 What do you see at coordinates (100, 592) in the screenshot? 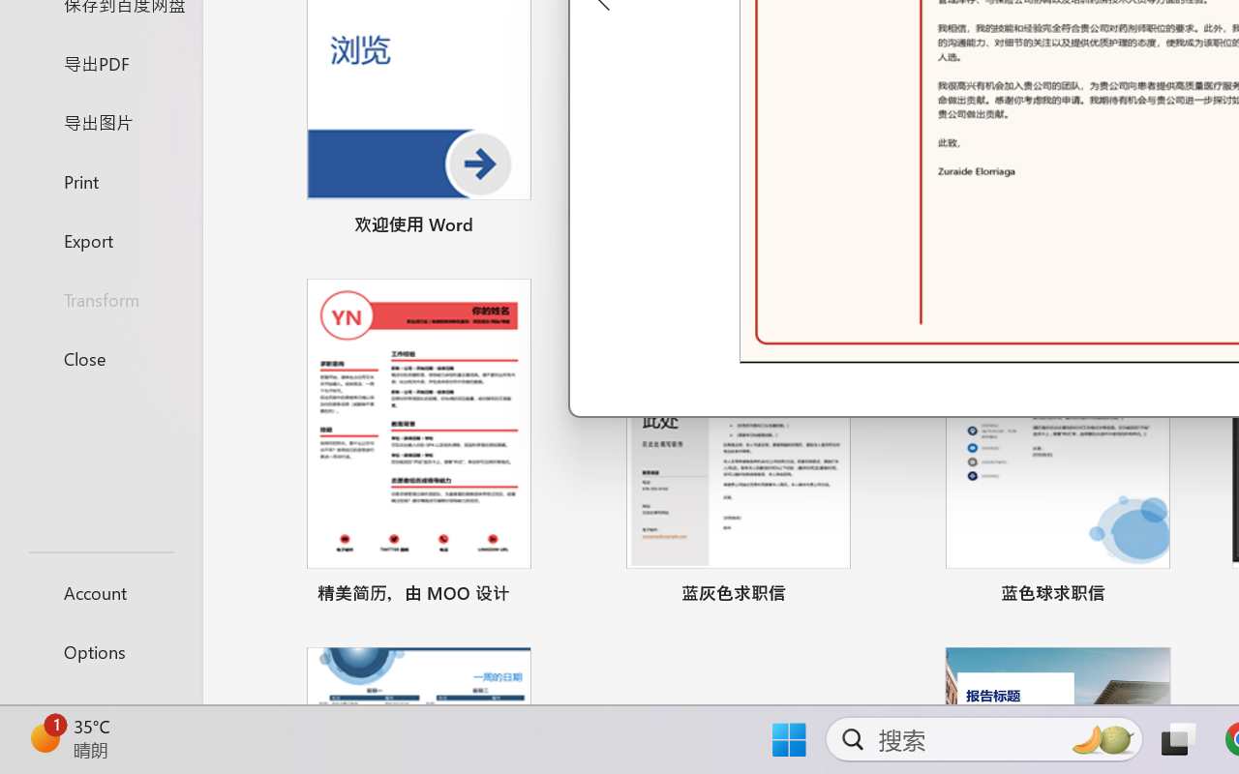
I see `'Account'` at bounding box center [100, 592].